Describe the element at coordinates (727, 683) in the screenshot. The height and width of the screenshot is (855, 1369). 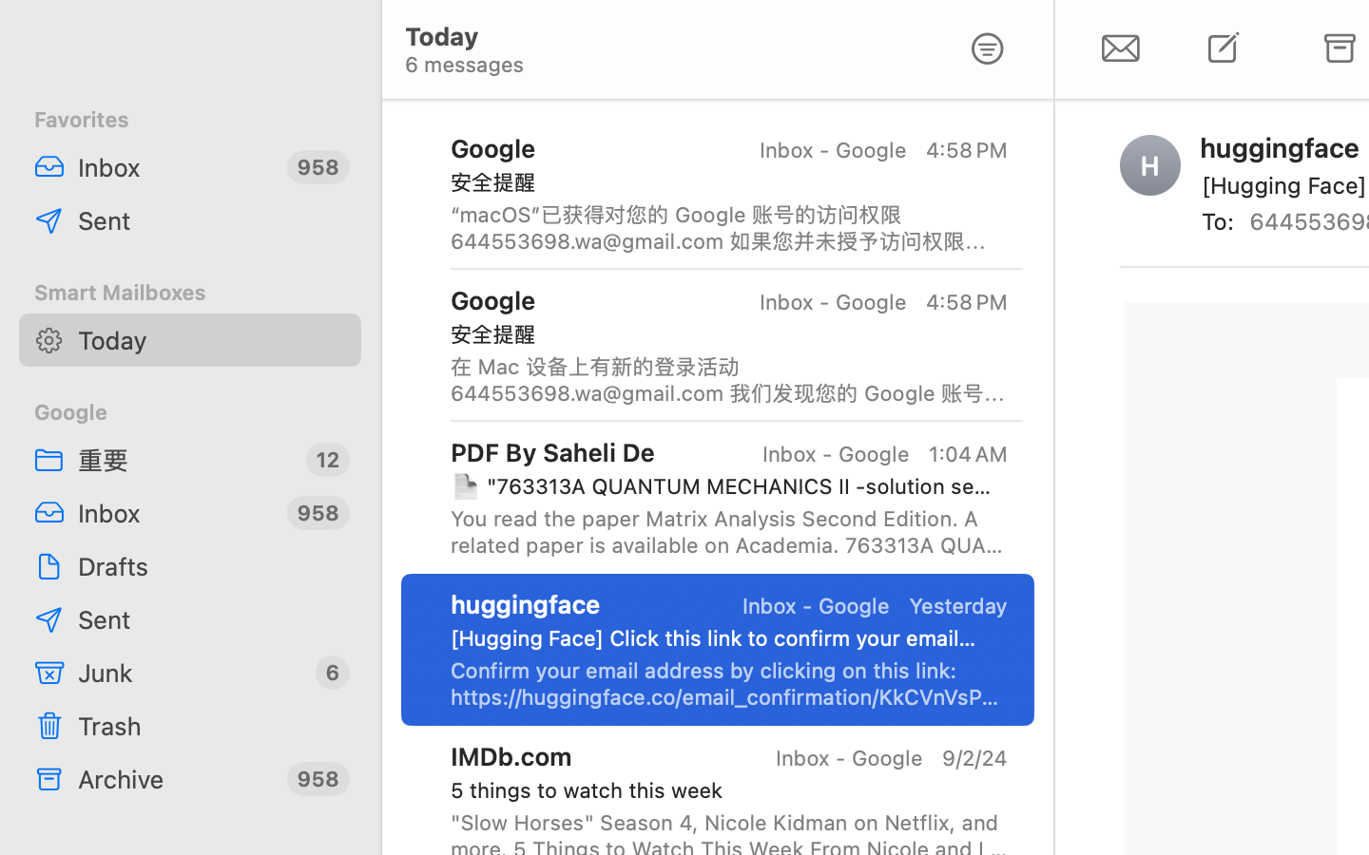
I see `'Confirm your email address by clicking on this link: https://huggingface.co/email_confirmation/KkCVnVsPgWKdzUnjgsmNfQwgnwKH If you didn'` at that location.